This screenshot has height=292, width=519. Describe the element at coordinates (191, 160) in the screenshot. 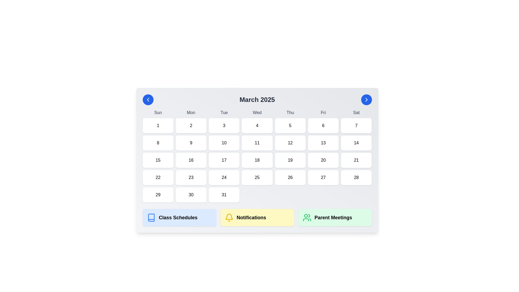

I see `the date box displaying '16'` at that location.